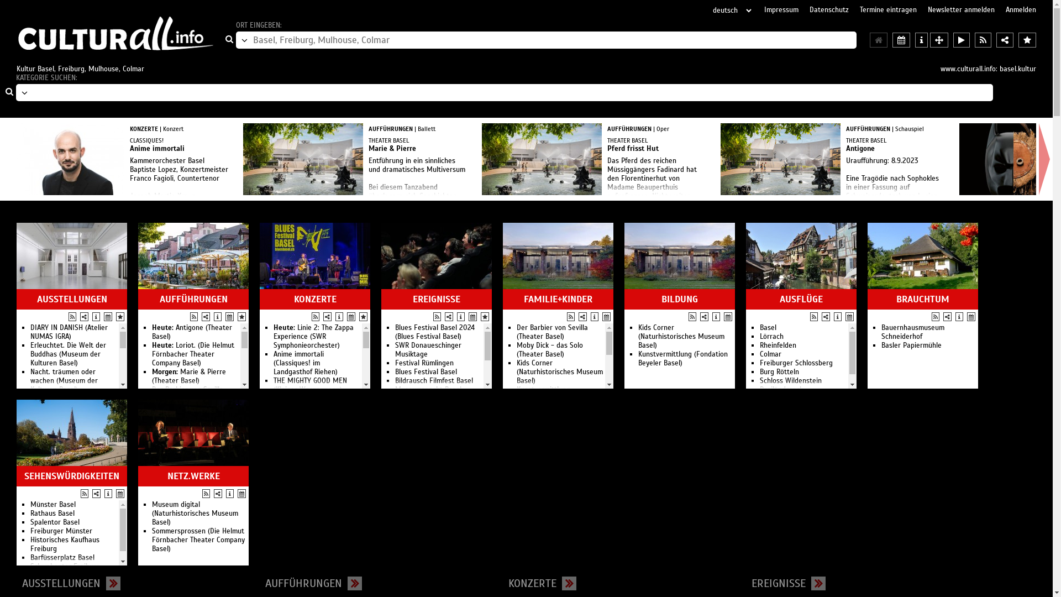 This screenshot has height=597, width=1061. I want to click on 'BILDUNG', so click(627, 299).